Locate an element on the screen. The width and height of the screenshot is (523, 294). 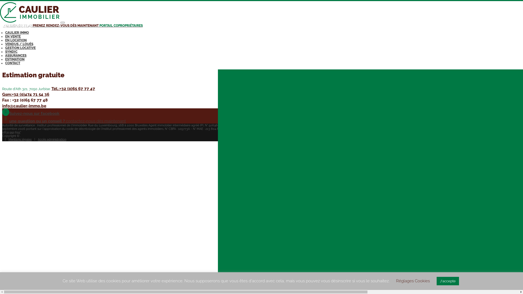
'Suivez-nous sur facebook' is located at coordinates (2, 113).